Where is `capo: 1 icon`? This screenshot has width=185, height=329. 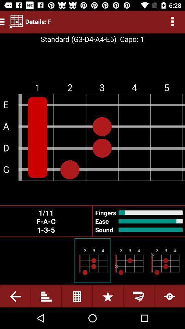 capo: 1 icon is located at coordinates (130, 39).